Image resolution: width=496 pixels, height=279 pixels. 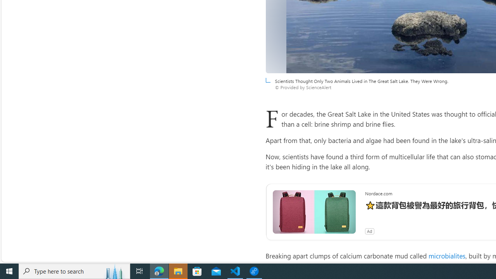 I want to click on 'microbialites', so click(x=447, y=255).